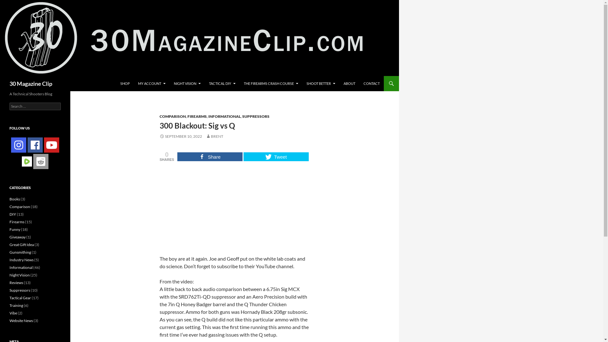  I want to click on 'INFORMATIONAL', so click(208, 116).